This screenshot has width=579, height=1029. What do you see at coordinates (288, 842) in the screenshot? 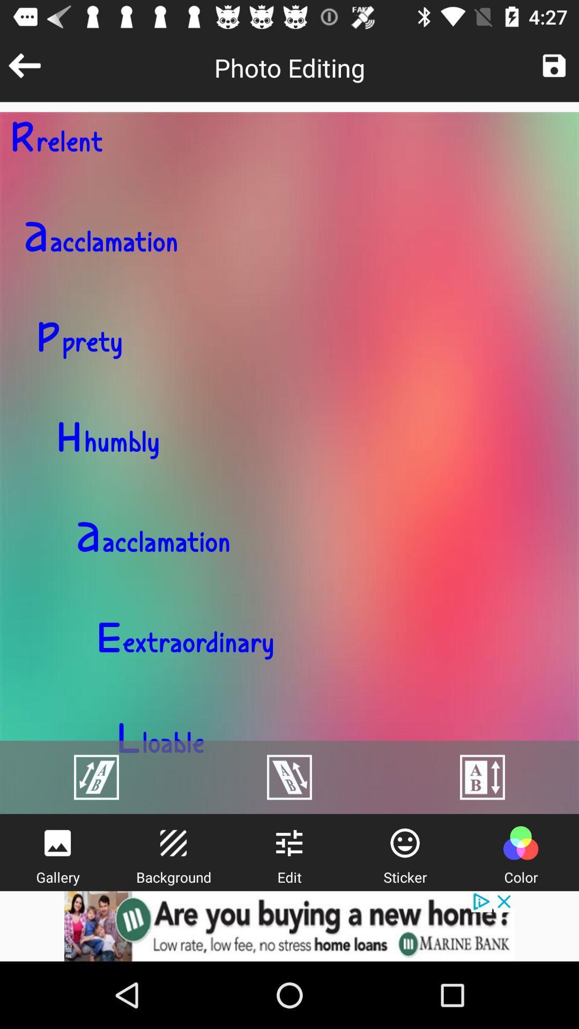
I see `edit photo` at bounding box center [288, 842].